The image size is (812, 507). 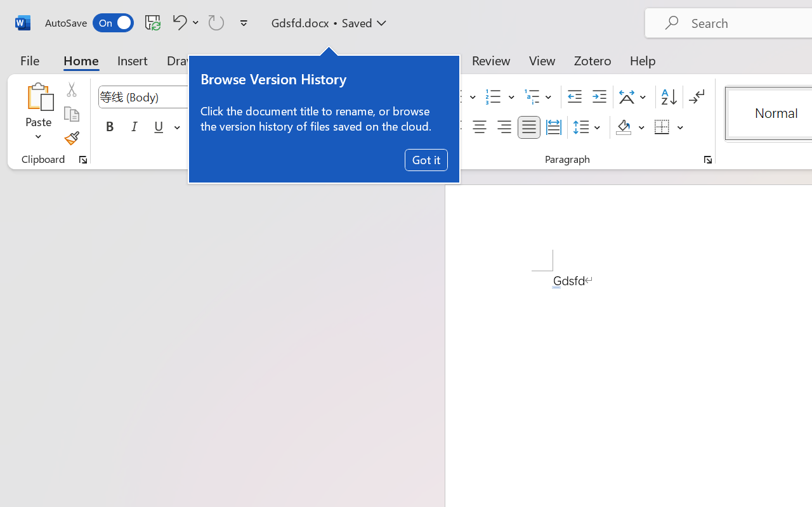 What do you see at coordinates (553, 127) in the screenshot?
I see `'Distributed'` at bounding box center [553, 127].